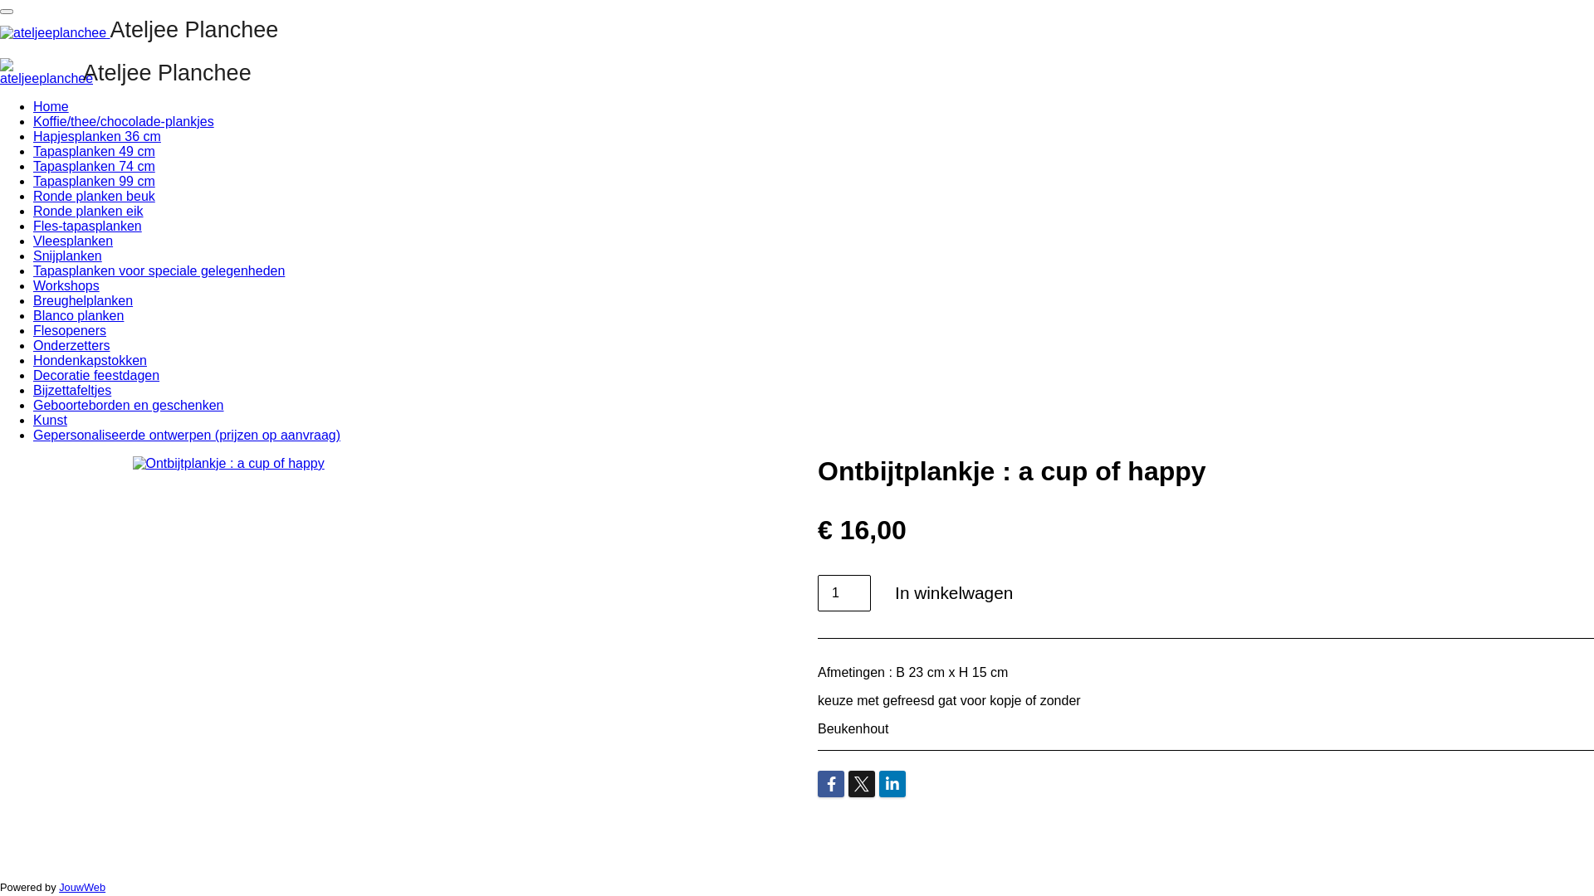  I want to click on 'Onderzetters', so click(71, 344).